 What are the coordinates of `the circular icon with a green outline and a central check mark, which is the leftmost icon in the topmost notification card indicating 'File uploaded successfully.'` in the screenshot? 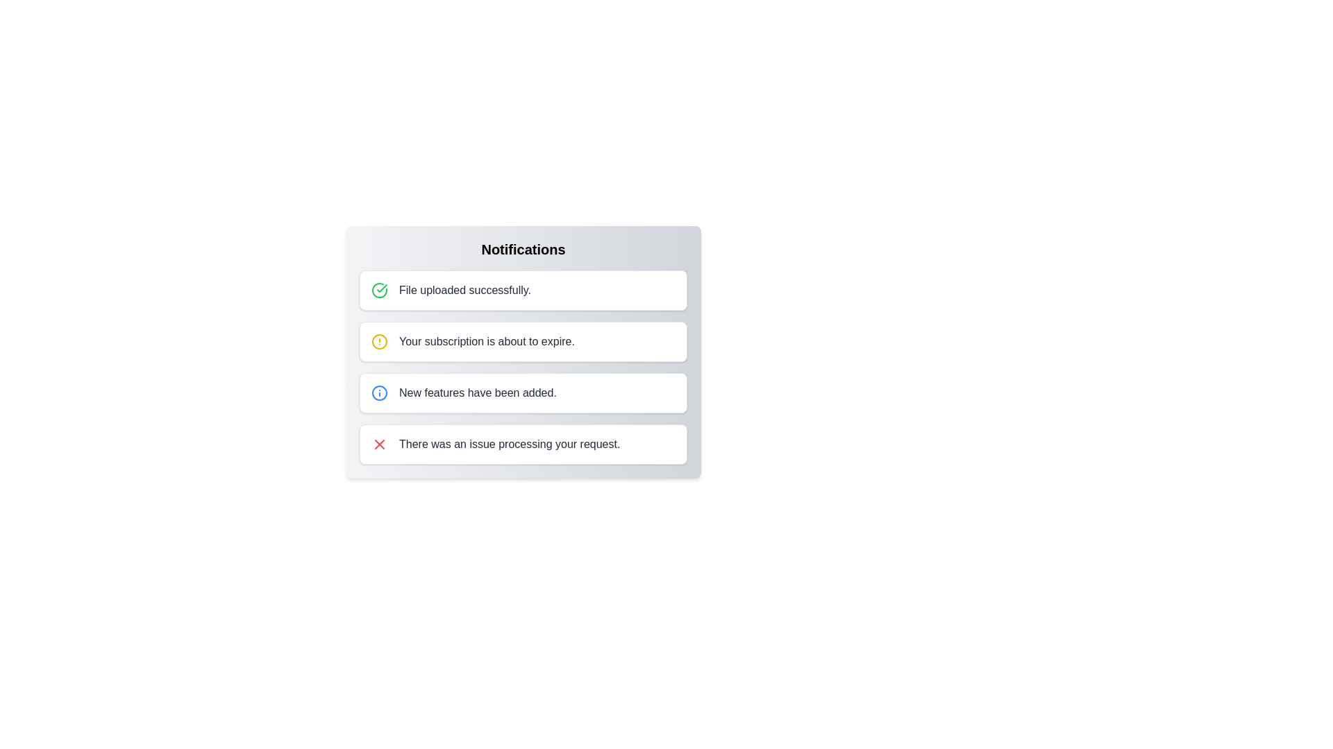 It's located at (380, 290).